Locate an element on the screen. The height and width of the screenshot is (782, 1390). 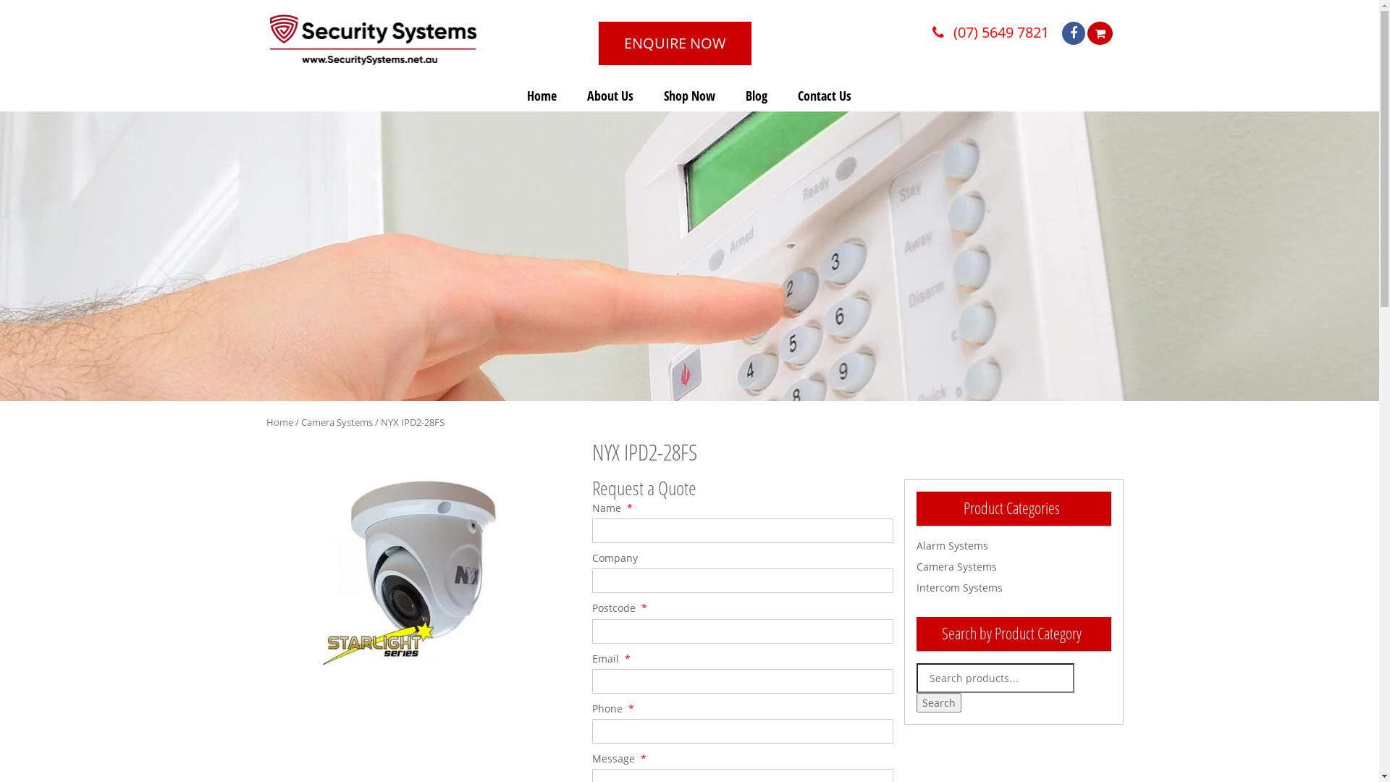
'Contact Us' is located at coordinates (824, 95).